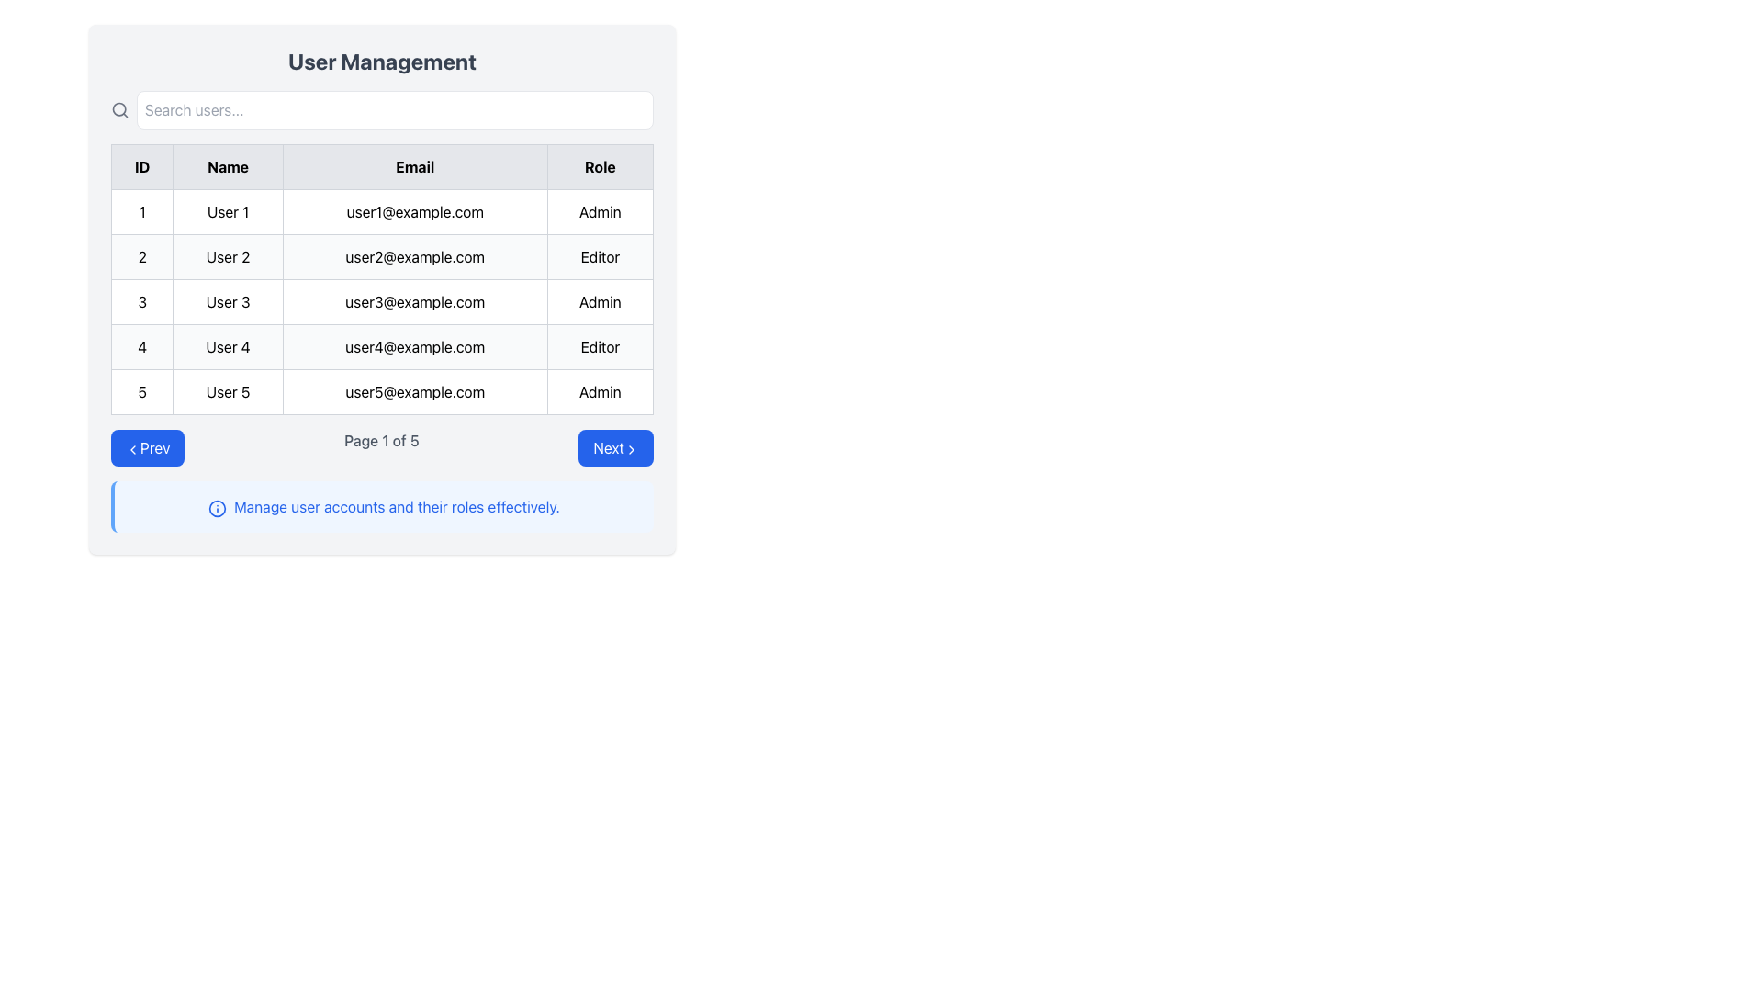 Image resolution: width=1763 pixels, height=992 pixels. What do you see at coordinates (141, 166) in the screenshot?
I see `the Table Header Cell that serves as the header for the first column in the table, located at the top-left corner of the table area` at bounding box center [141, 166].